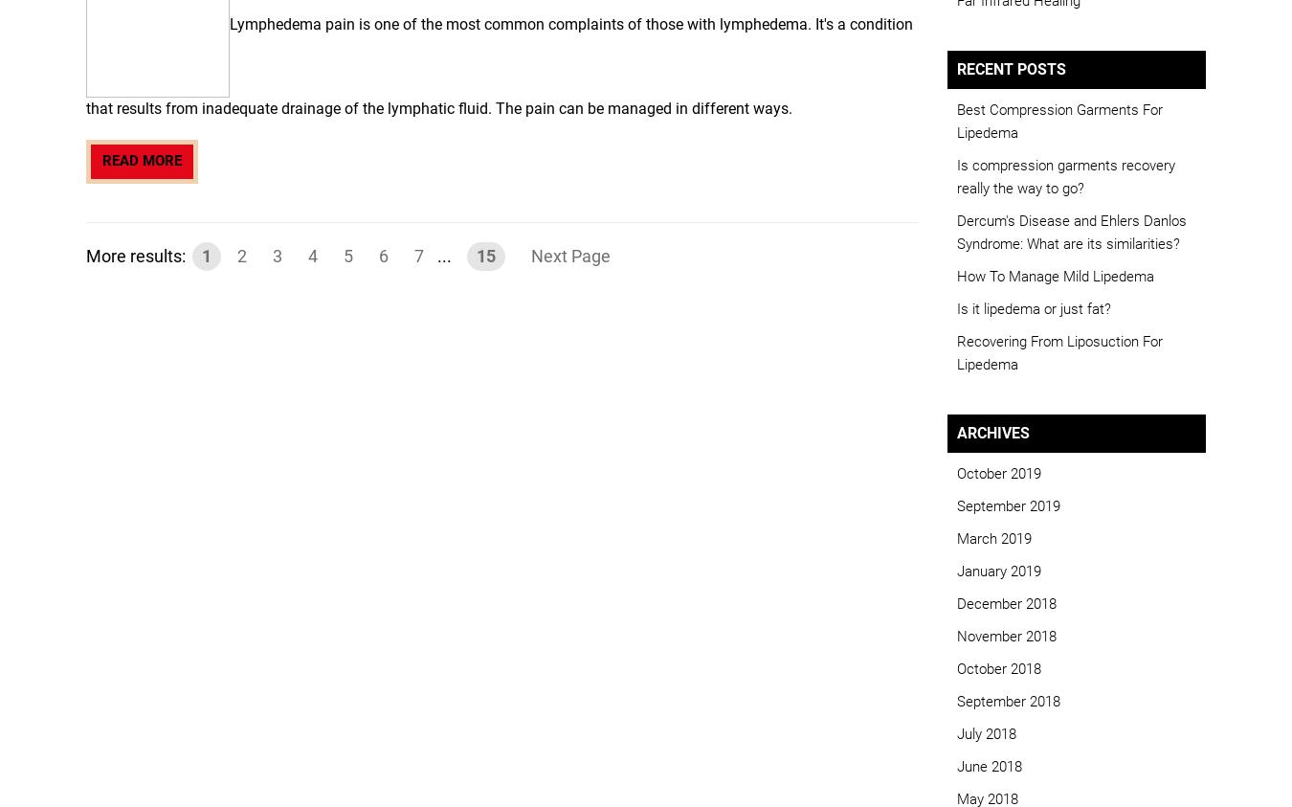 The image size is (1292, 807). Describe the element at coordinates (240, 255) in the screenshot. I see `'2'` at that location.